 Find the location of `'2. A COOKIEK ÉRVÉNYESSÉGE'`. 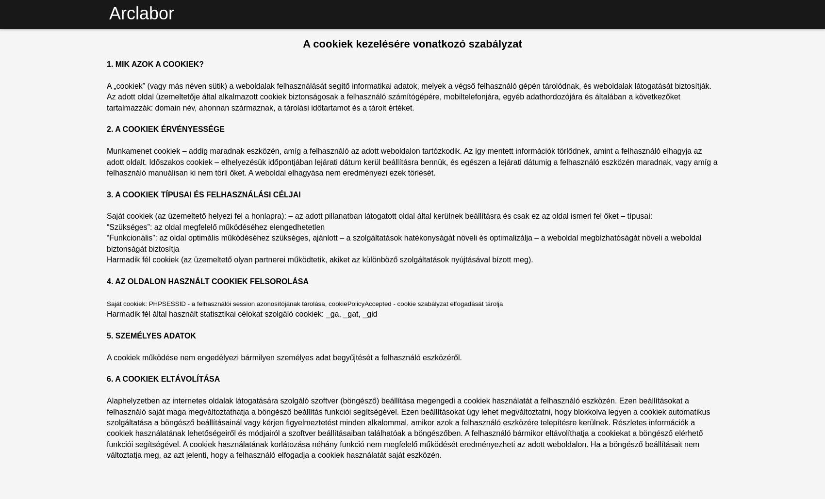

'2. A COOKIEK ÉRVÉNYESSÉGE' is located at coordinates (165, 129).